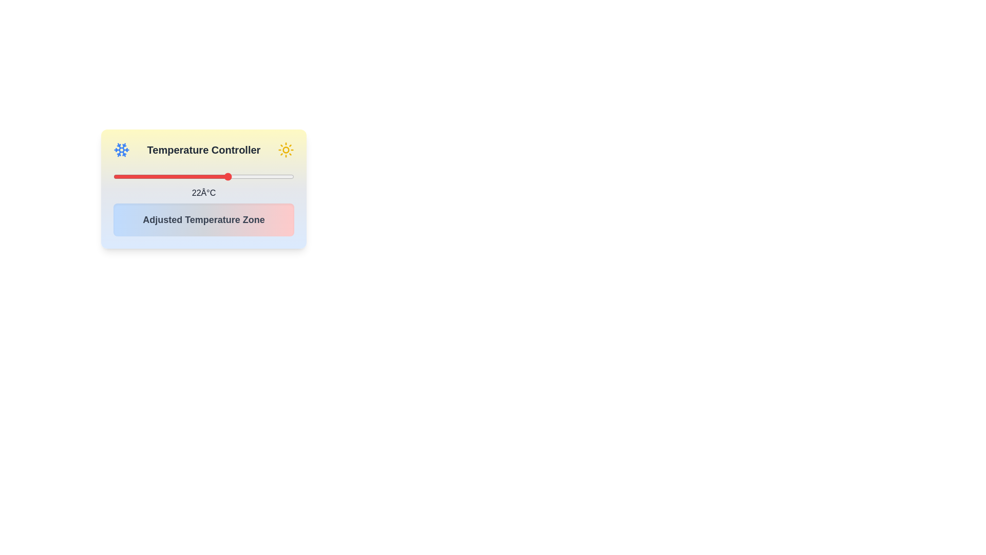 This screenshot has height=555, width=986. I want to click on the yellow sun icon, which represents bright conditions, located at the top-right corner of the 'Temperature Controller' panel, so click(286, 150).